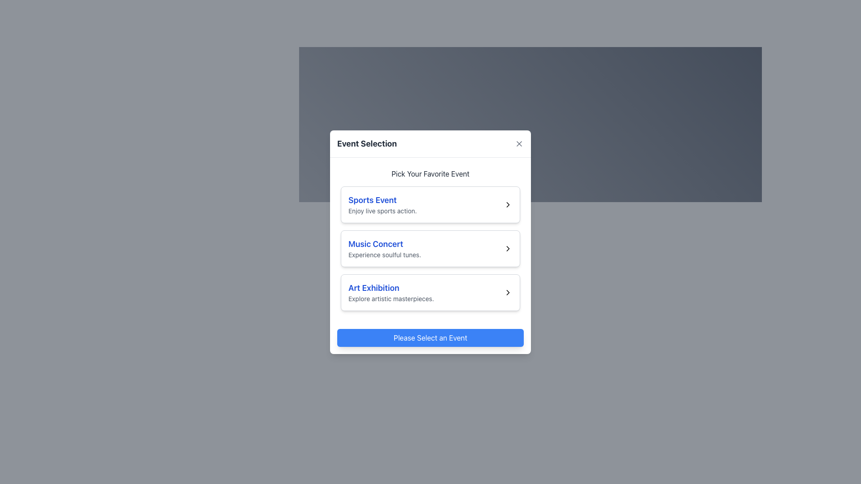  I want to click on the prominent static text 'Sports Event' displayed in a large, bold, blue font at the top of the event options list in the modal dialog, so click(383, 199).